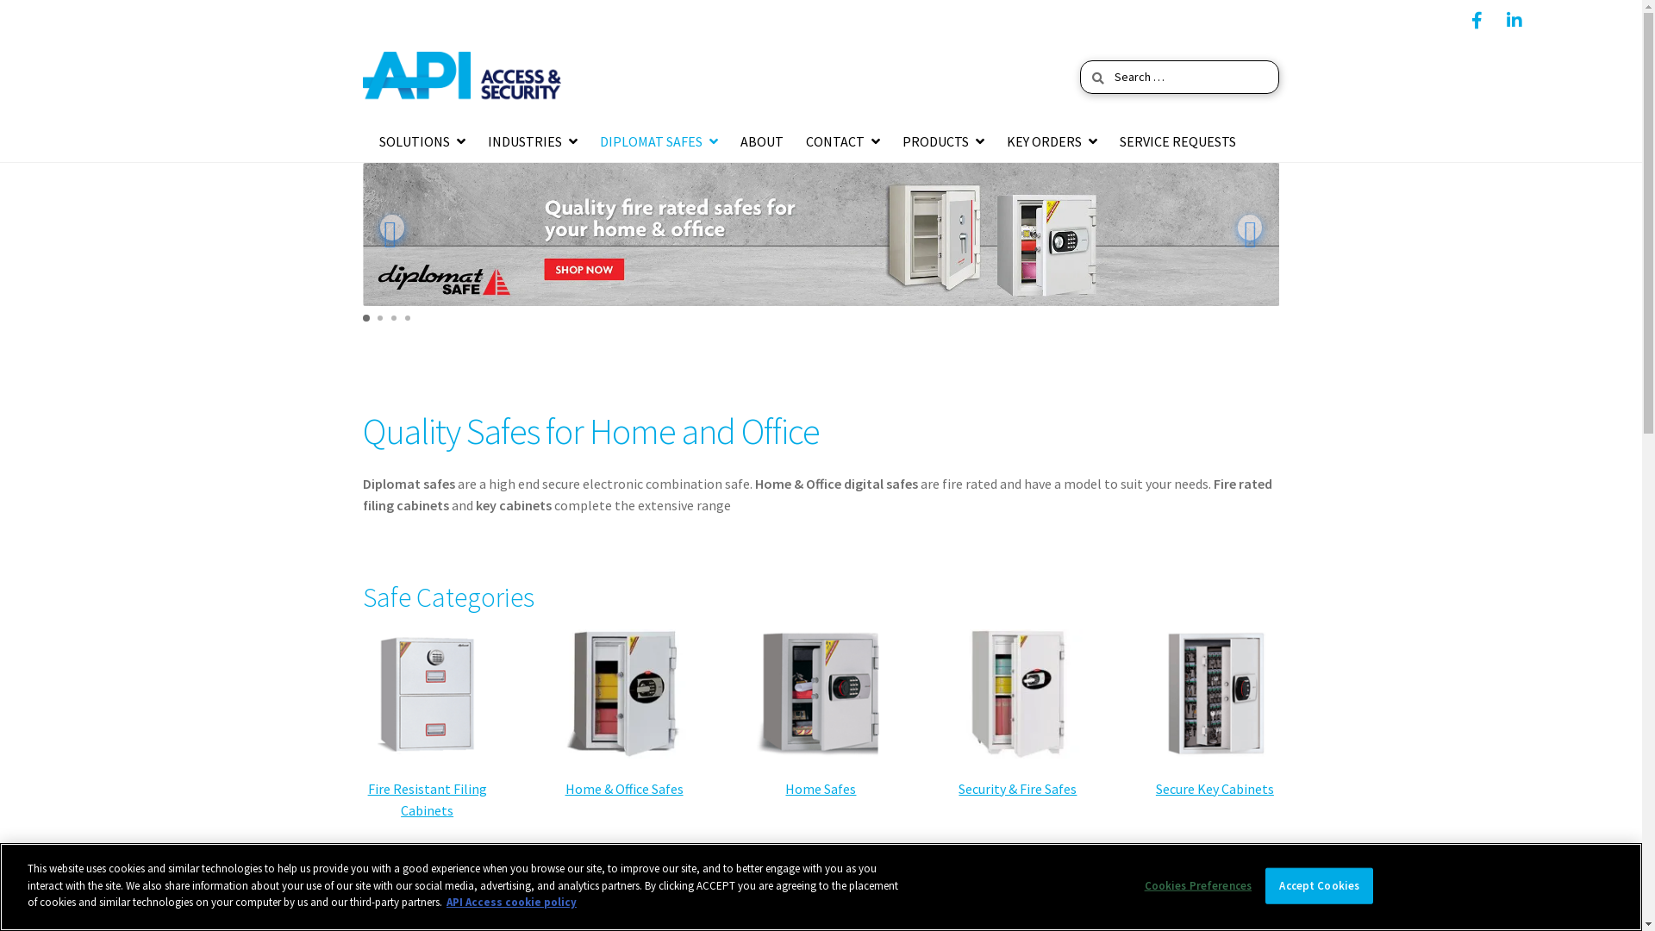  What do you see at coordinates (784, 788) in the screenshot?
I see `'Home Safes'` at bounding box center [784, 788].